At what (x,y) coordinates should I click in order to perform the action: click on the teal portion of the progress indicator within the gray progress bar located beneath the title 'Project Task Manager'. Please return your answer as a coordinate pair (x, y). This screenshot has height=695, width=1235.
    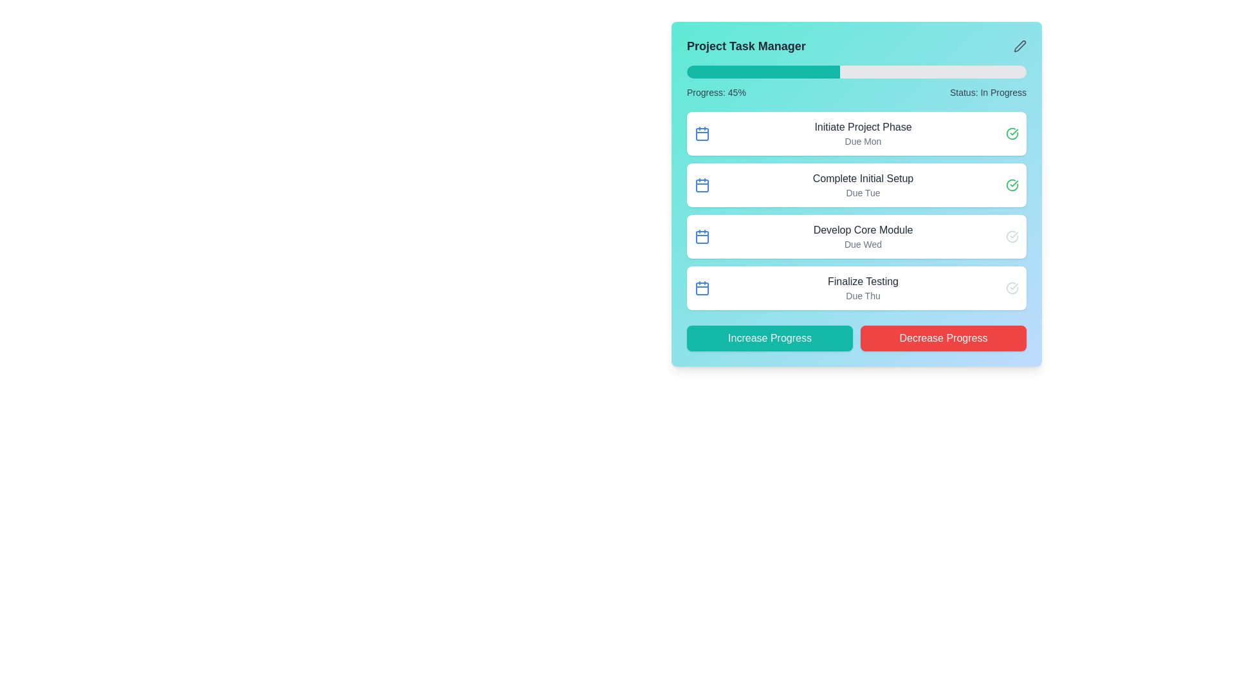
    Looking at the image, I should click on (763, 71).